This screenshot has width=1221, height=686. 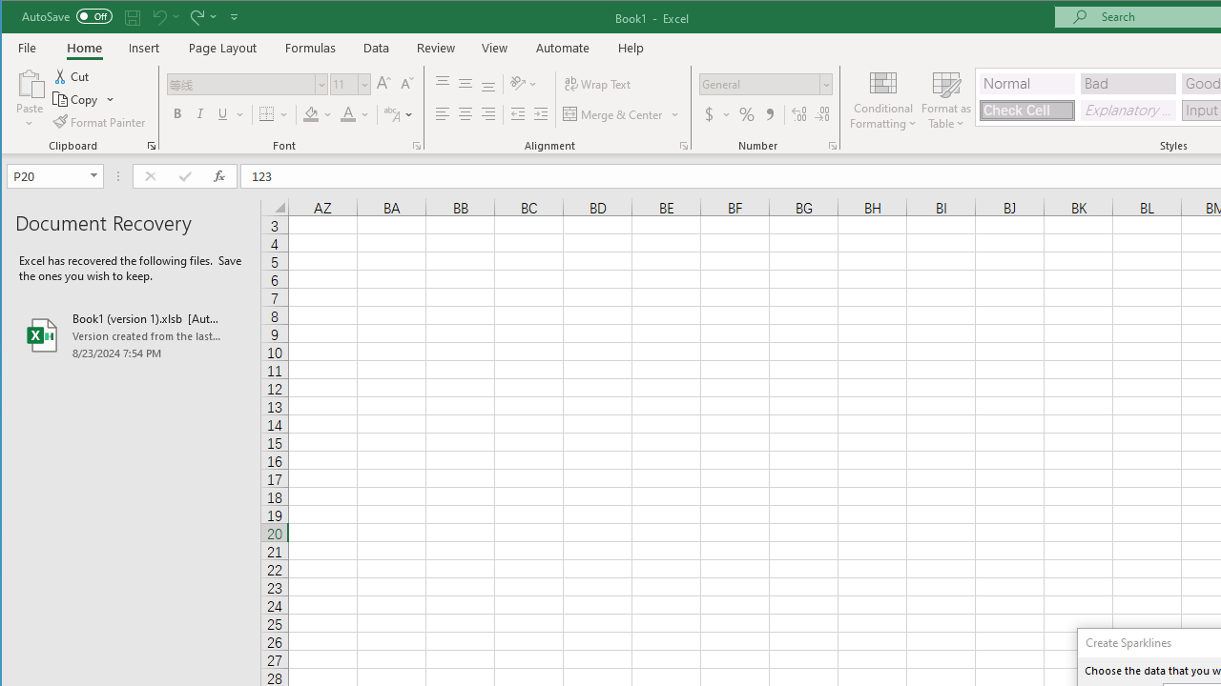 I want to click on 'Format Painter', so click(x=99, y=122).